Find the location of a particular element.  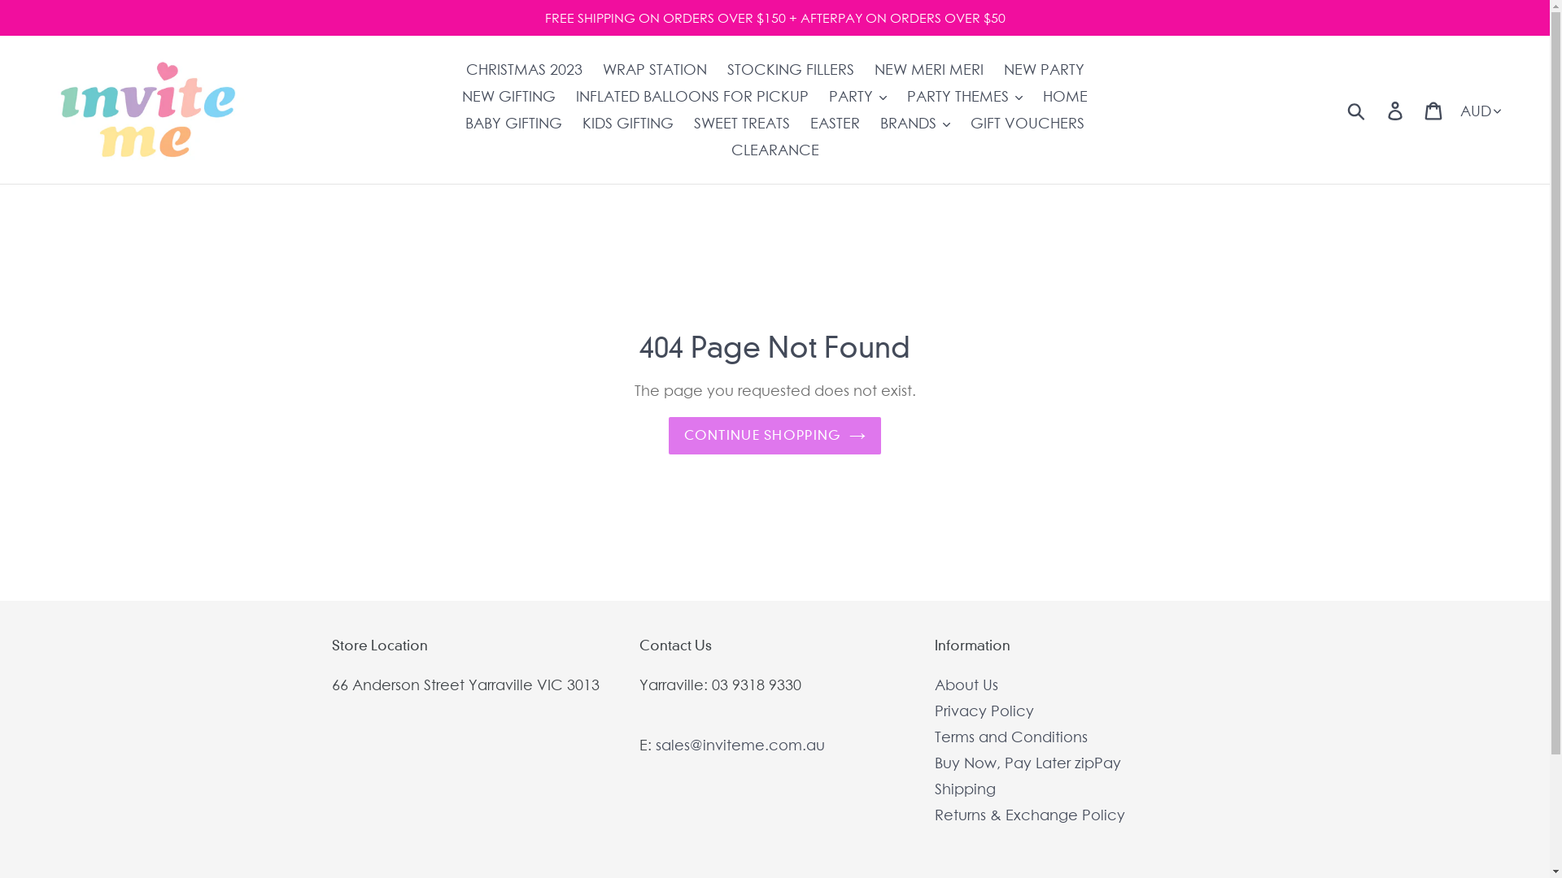

'STOCKING FILLERS' is located at coordinates (790, 68).